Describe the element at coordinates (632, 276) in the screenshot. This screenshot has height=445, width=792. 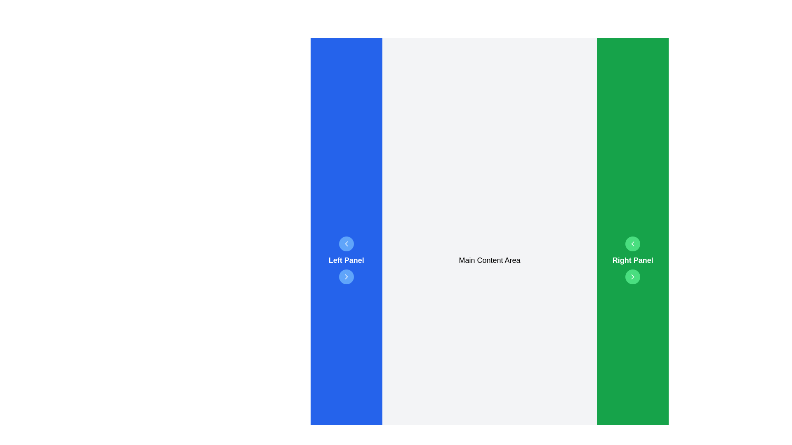
I see `the navigation button located in the right panel section, which is positioned below a left-facing chevron` at that location.